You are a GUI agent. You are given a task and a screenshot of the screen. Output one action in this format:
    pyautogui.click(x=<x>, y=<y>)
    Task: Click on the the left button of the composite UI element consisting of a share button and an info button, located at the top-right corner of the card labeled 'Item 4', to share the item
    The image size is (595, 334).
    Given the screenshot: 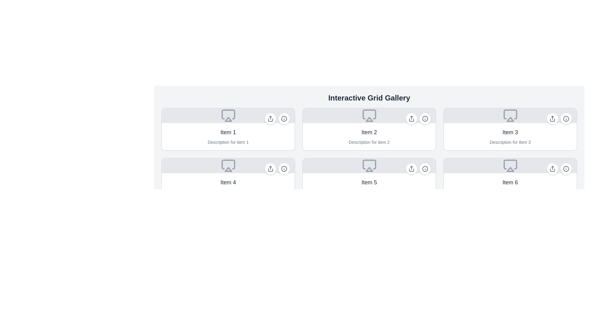 What is the action you would take?
    pyautogui.click(x=277, y=169)
    